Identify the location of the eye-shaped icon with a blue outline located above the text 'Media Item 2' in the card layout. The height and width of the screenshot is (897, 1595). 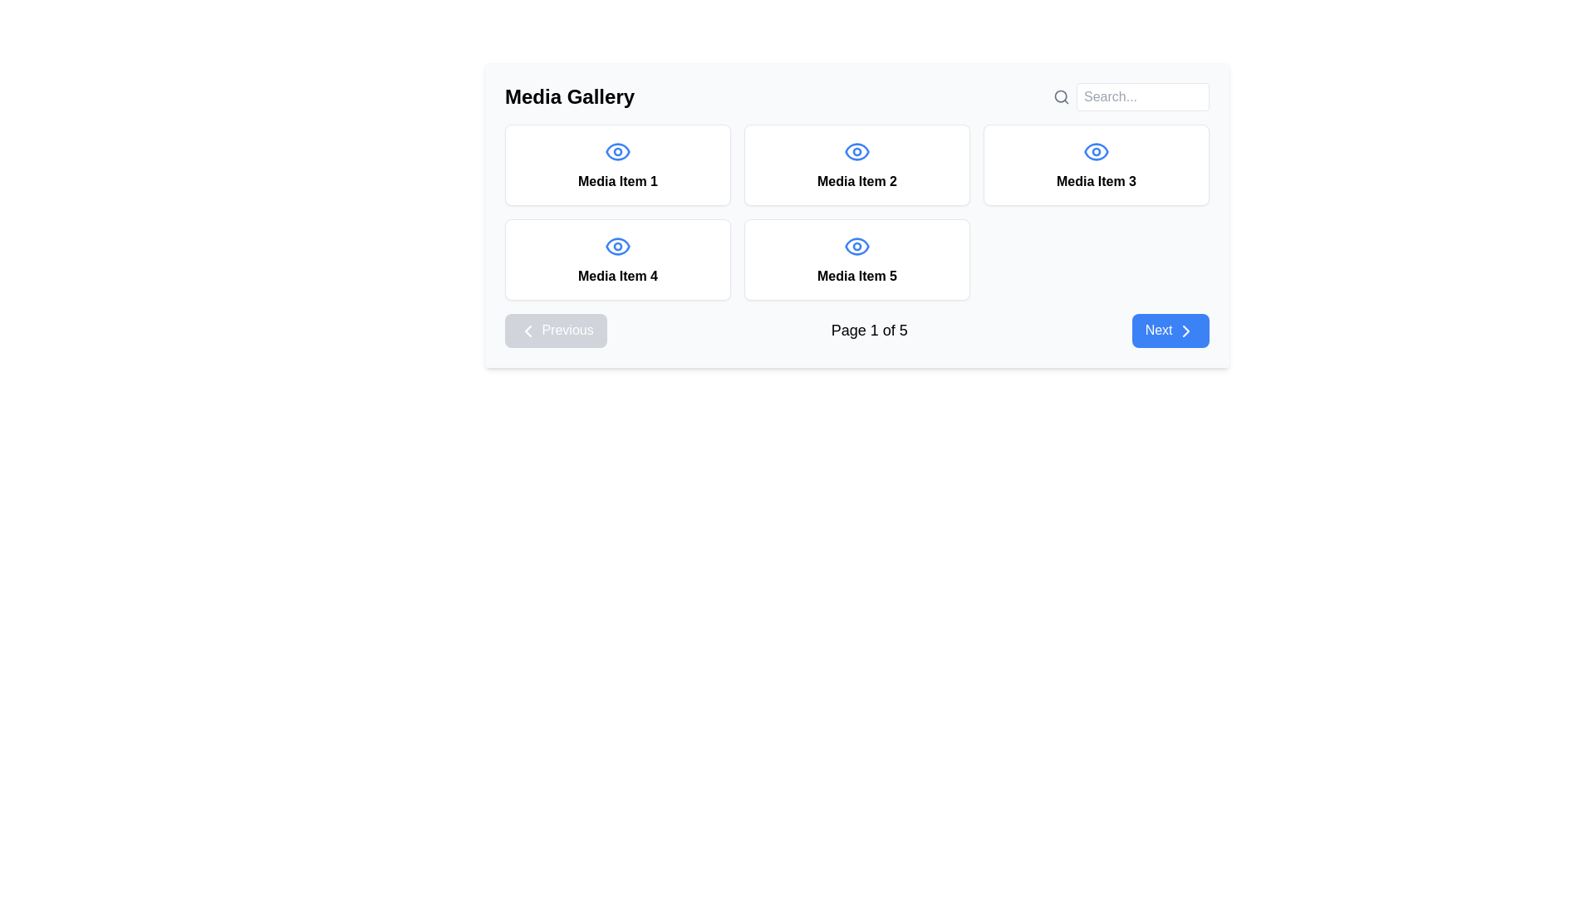
(857, 151).